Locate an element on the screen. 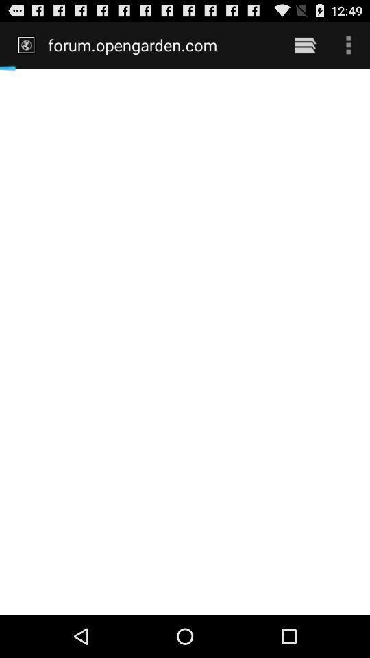 The image size is (370, 658). forum.opengarden.com is located at coordinates (161, 45).